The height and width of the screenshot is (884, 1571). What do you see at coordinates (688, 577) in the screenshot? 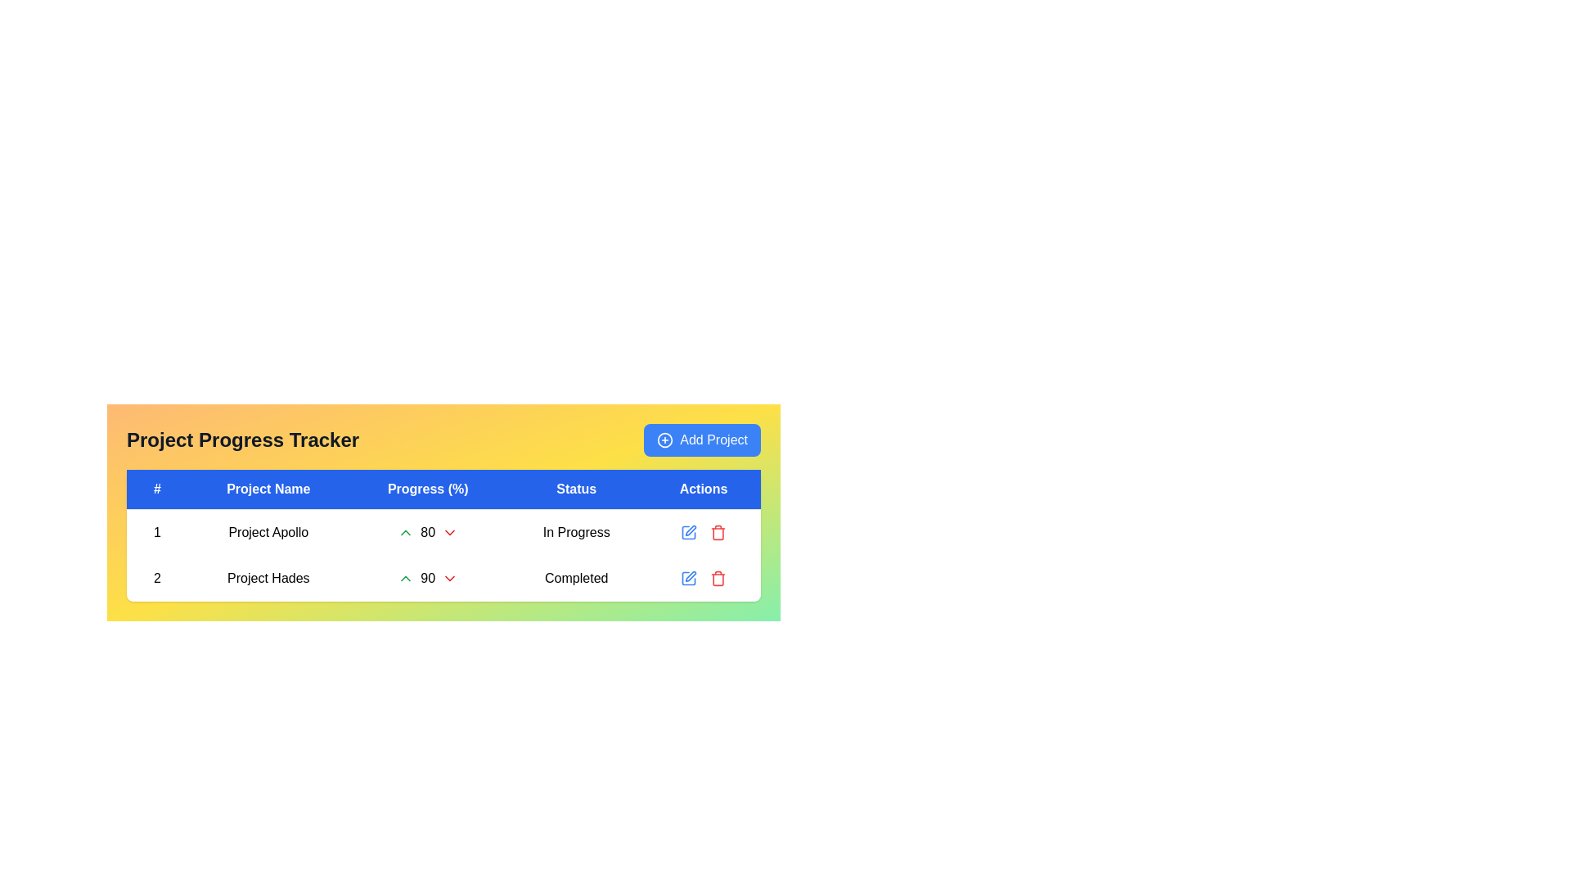
I see `the interactive SVG element in the 'Actions' column of the second row, which is positioned to the left of the red delete icon` at bounding box center [688, 577].